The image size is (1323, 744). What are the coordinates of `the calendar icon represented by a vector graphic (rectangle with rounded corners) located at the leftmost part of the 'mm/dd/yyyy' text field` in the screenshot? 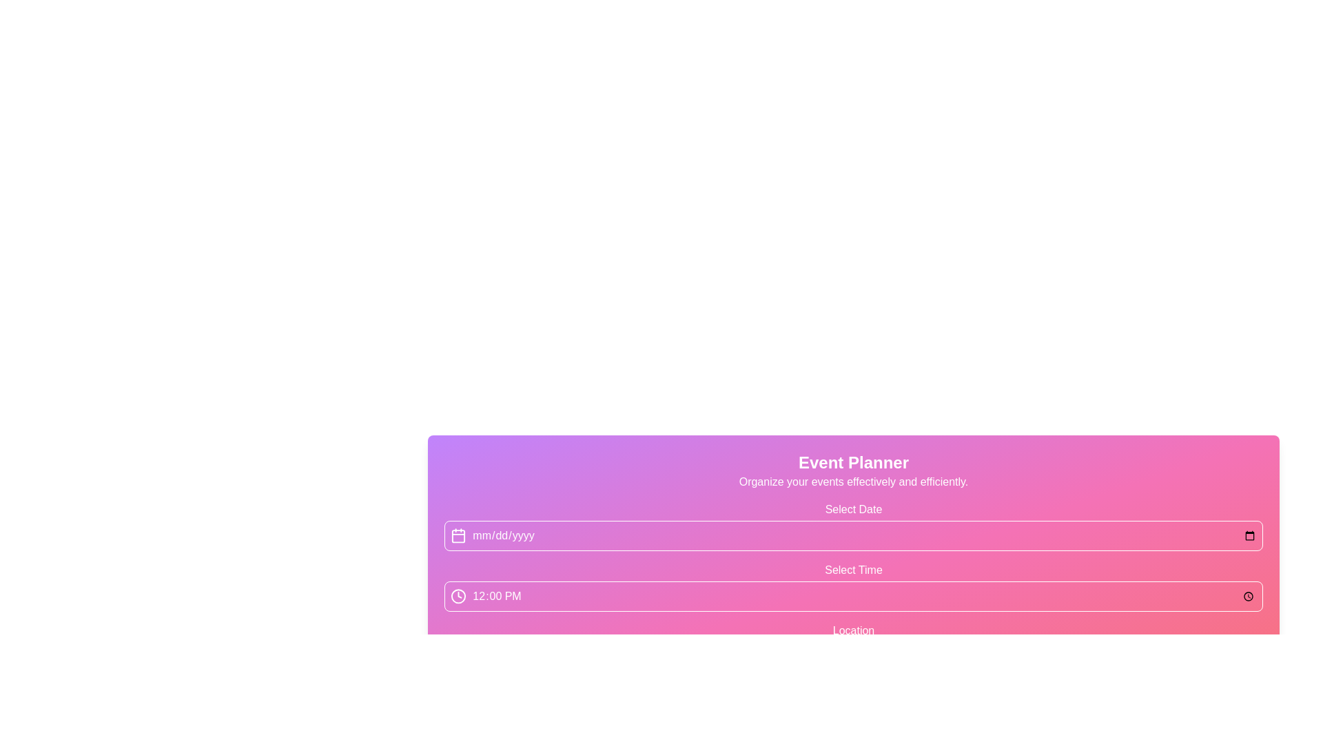 It's located at (458, 536).